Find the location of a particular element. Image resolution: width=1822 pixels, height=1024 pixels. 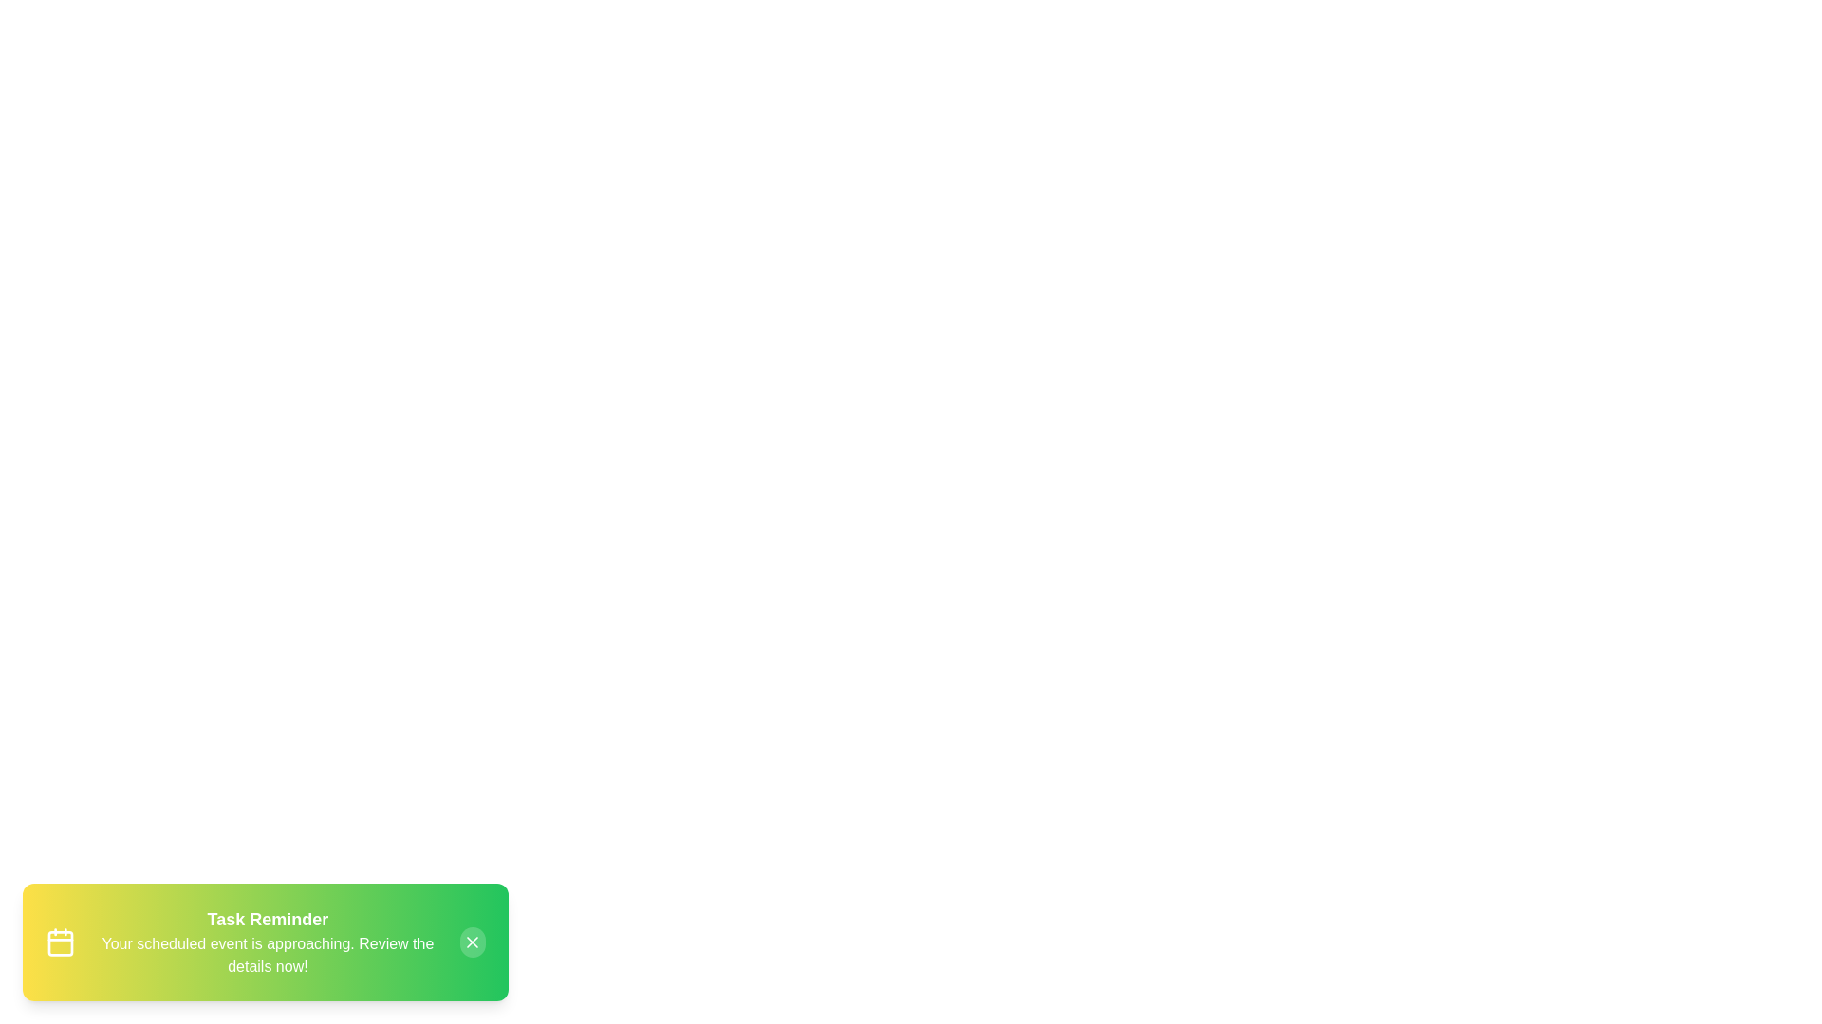

the close button of the snackbar to dismiss it is located at coordinates (473, 942).